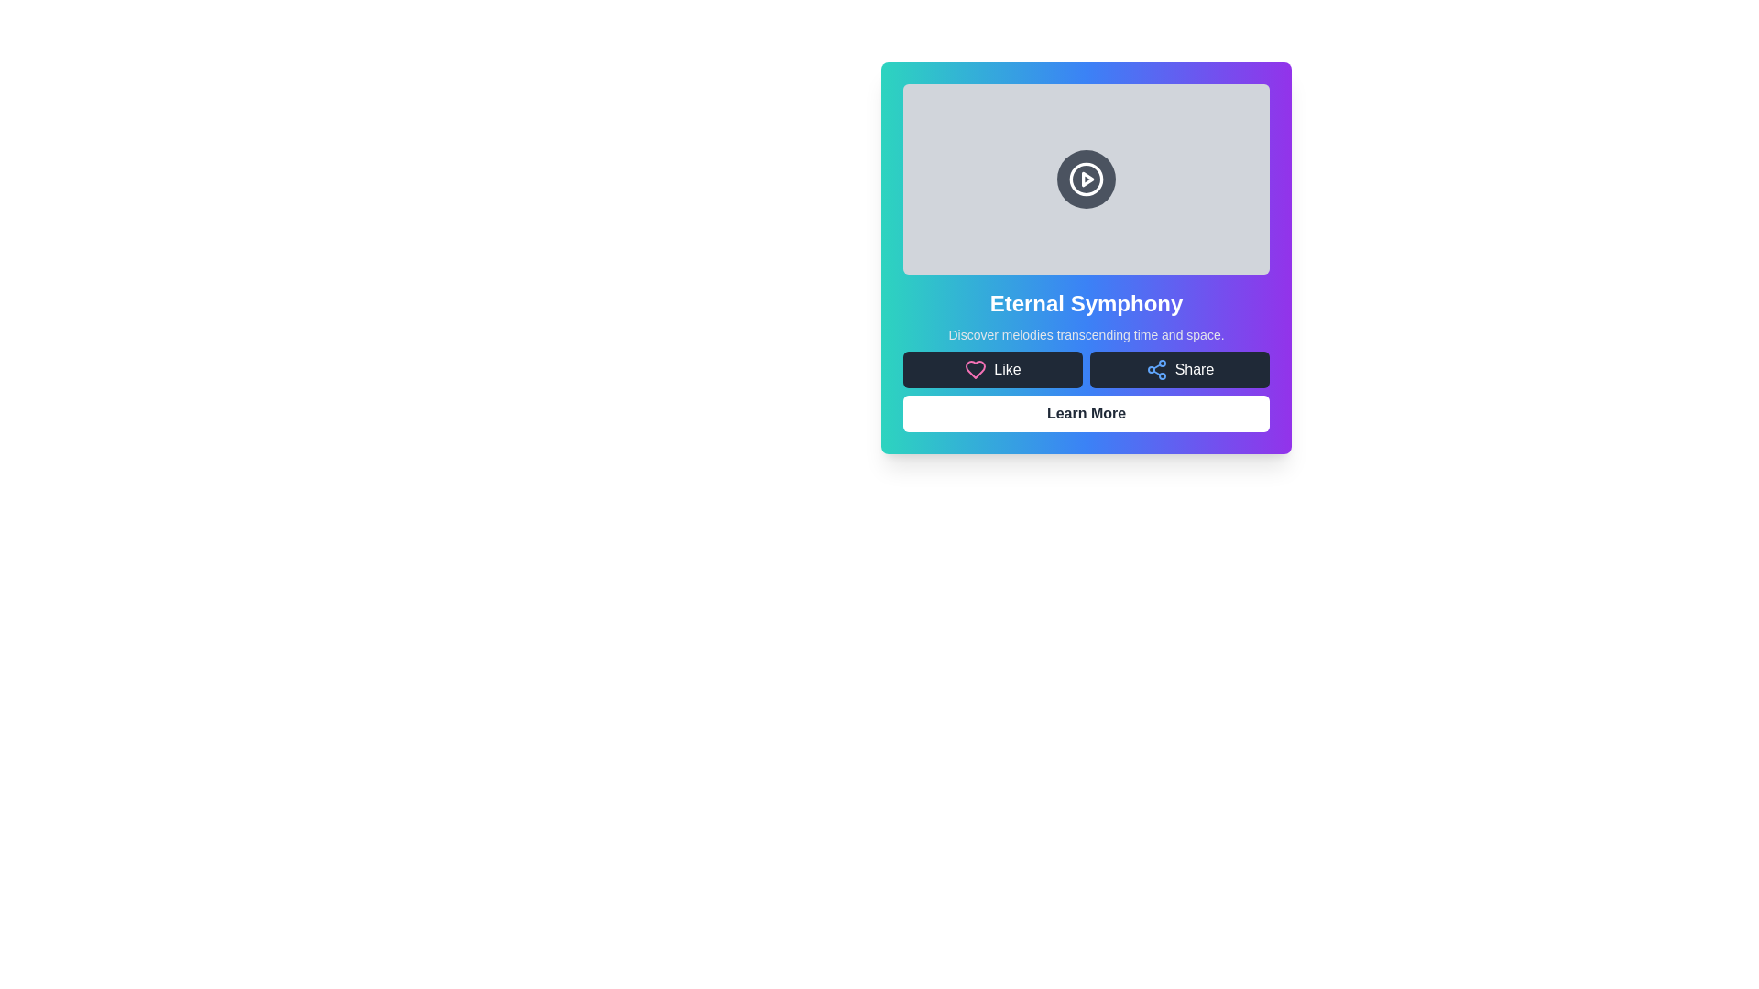 The width and height of the screenshot is (1759, 989). What do you see at coordinates (975, 370) in the screenshot?
I see `the heart-shaped icon with a pink outline and dark fill, located to the left of the 'Like' button text, to like the content` at bounding box center [975, 370].